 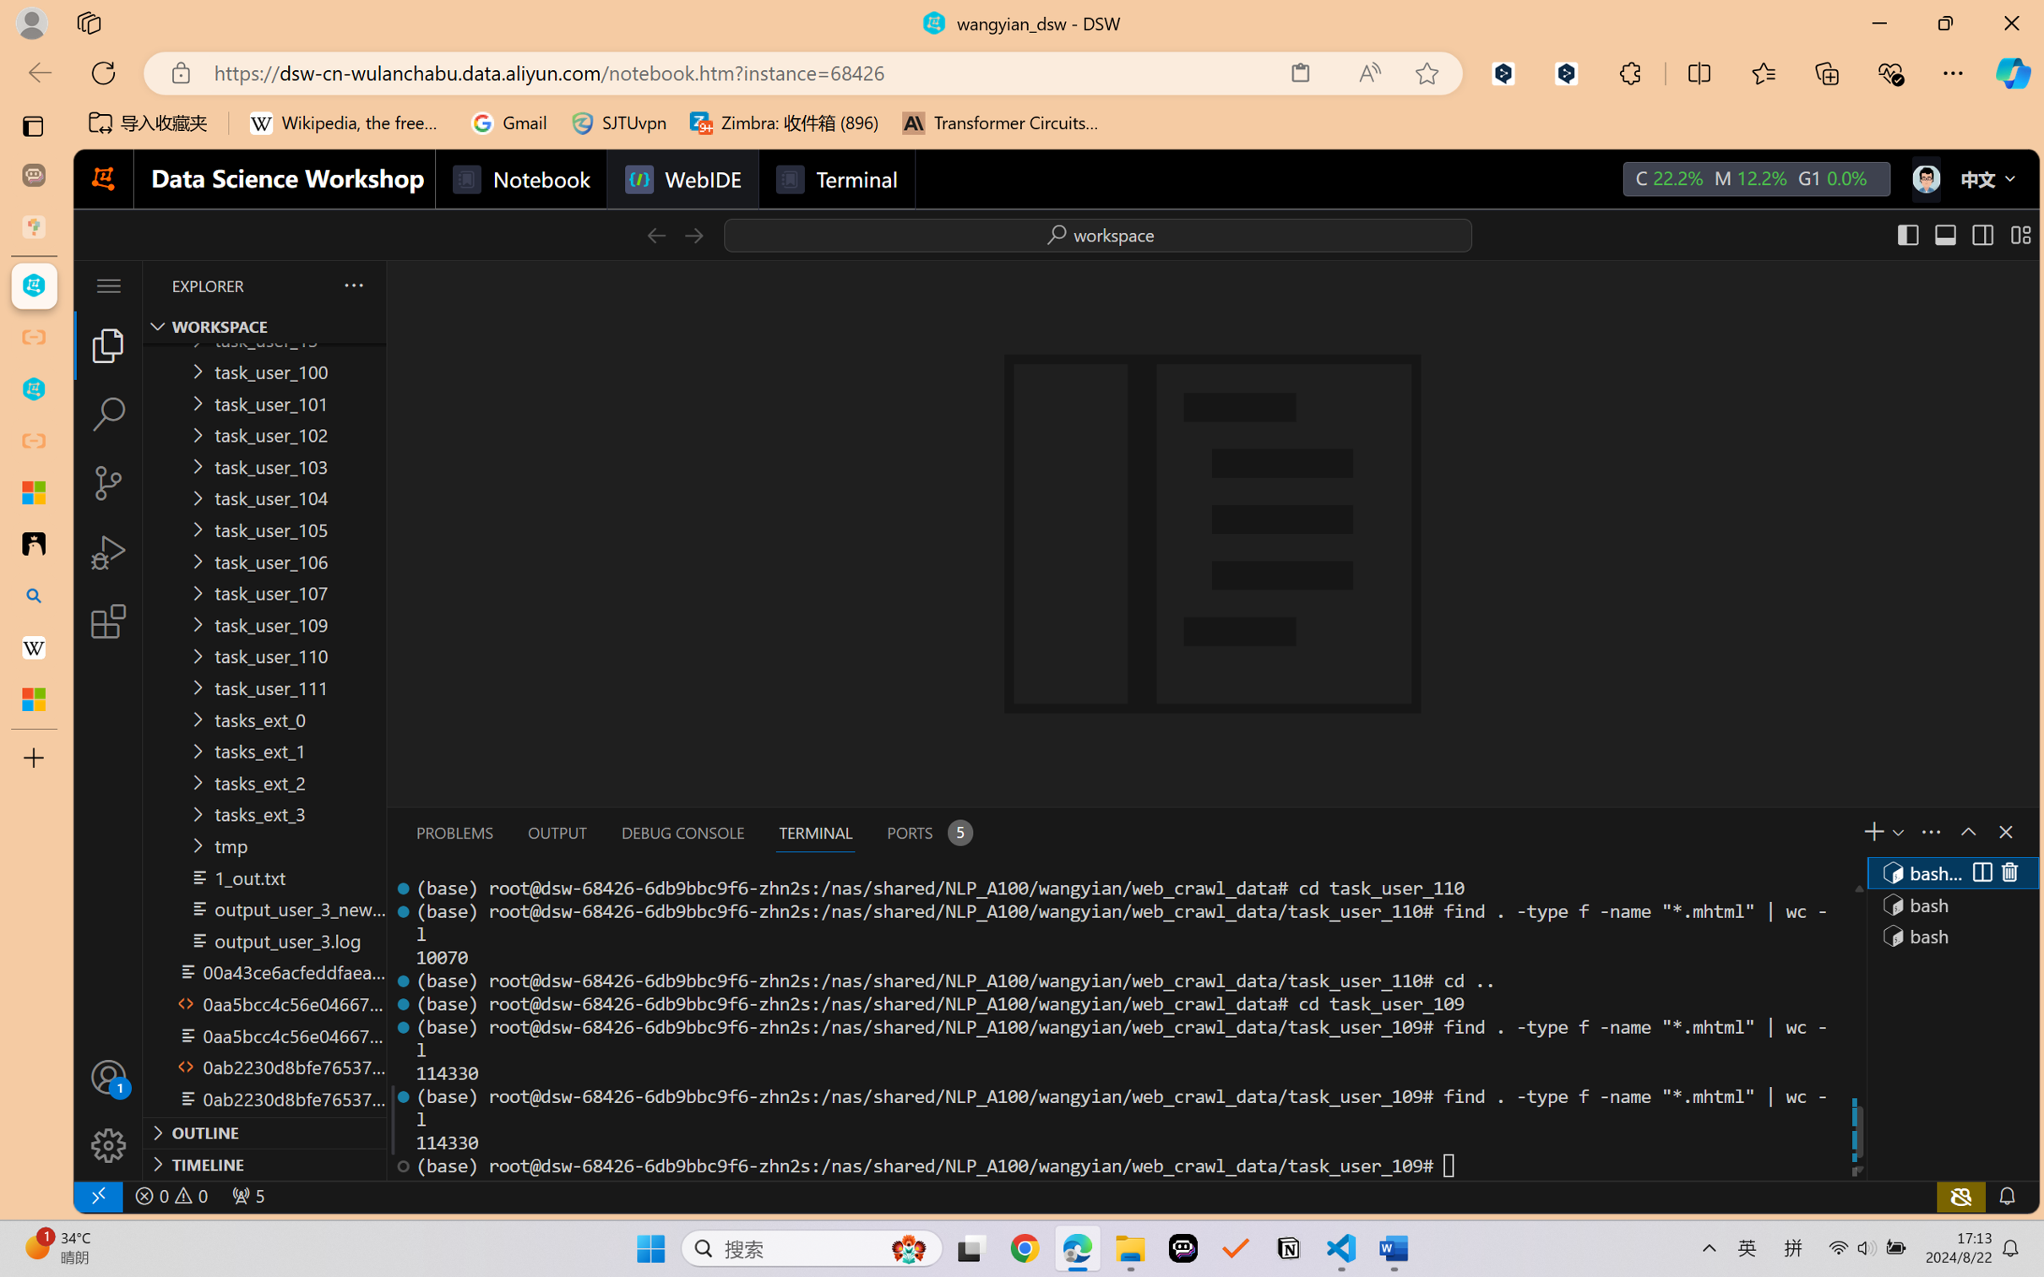 I want to click on 'Transformer Circuits Thread', so click(x=1000, y=122).